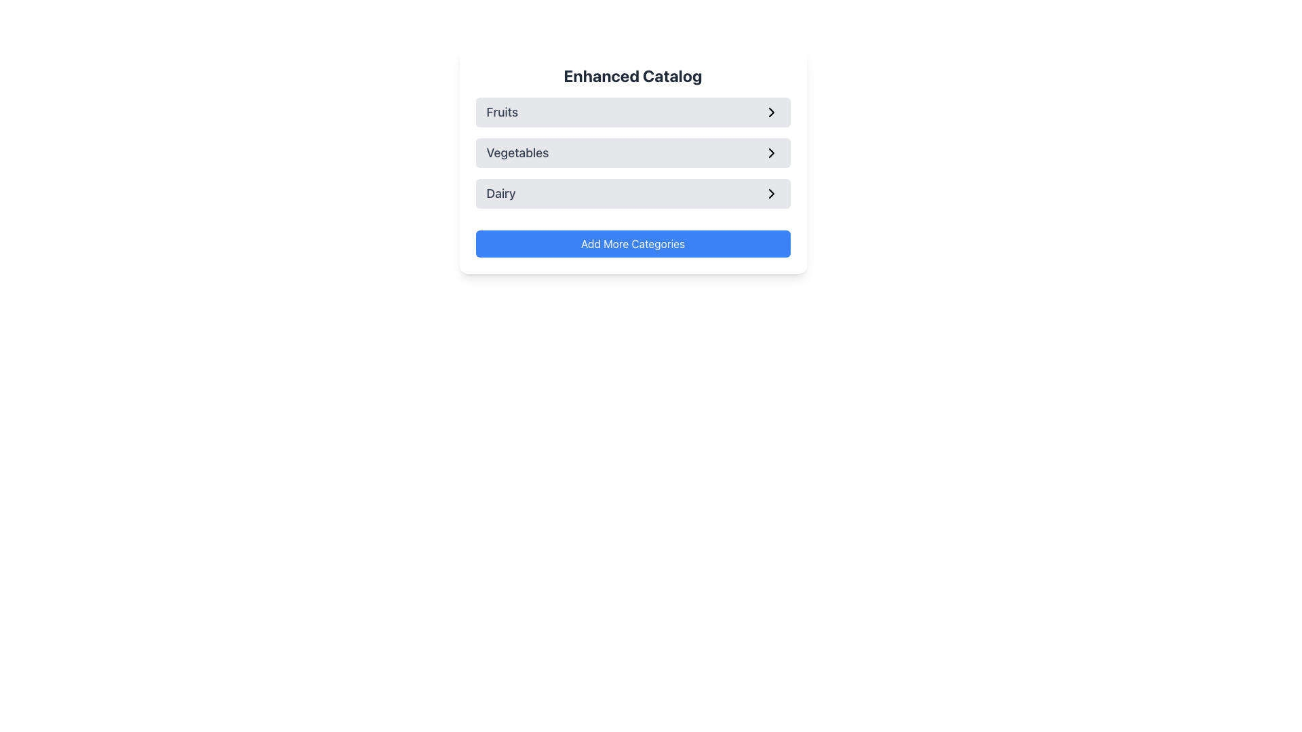 The height and width of the screenshot is (732, 1302). Describe the element at coordinates (771, 111) in the screenshot. I see `the right-facing chevron-style navigation arrow associated with the 'Fruits' category in the top menu` at that location.